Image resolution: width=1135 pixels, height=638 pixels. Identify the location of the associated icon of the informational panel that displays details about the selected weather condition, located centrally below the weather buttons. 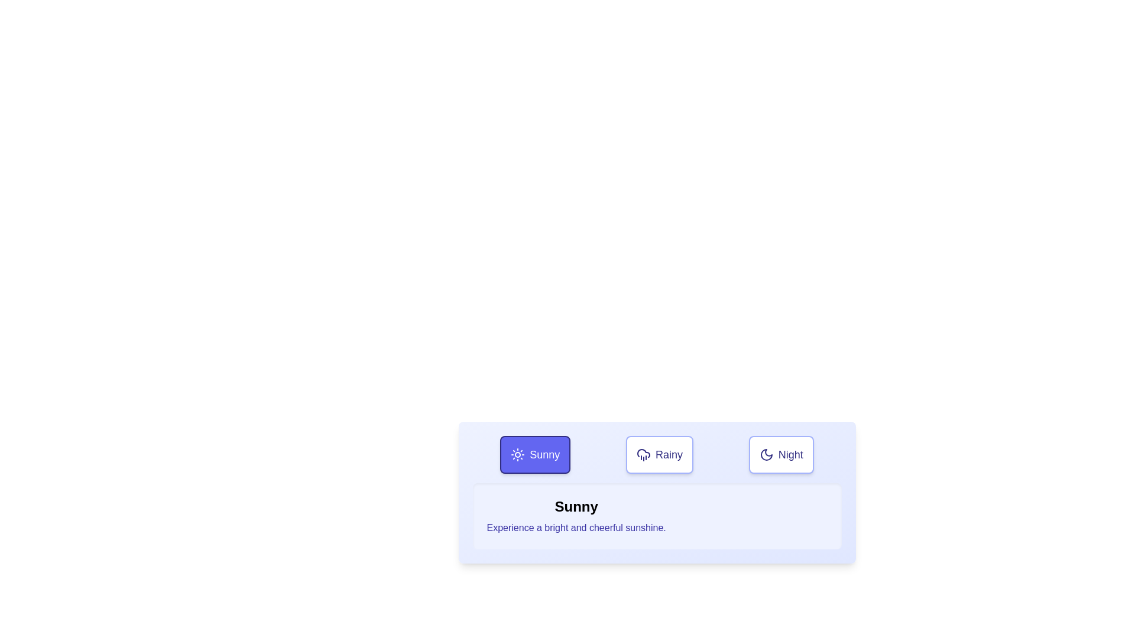
(656, 492).